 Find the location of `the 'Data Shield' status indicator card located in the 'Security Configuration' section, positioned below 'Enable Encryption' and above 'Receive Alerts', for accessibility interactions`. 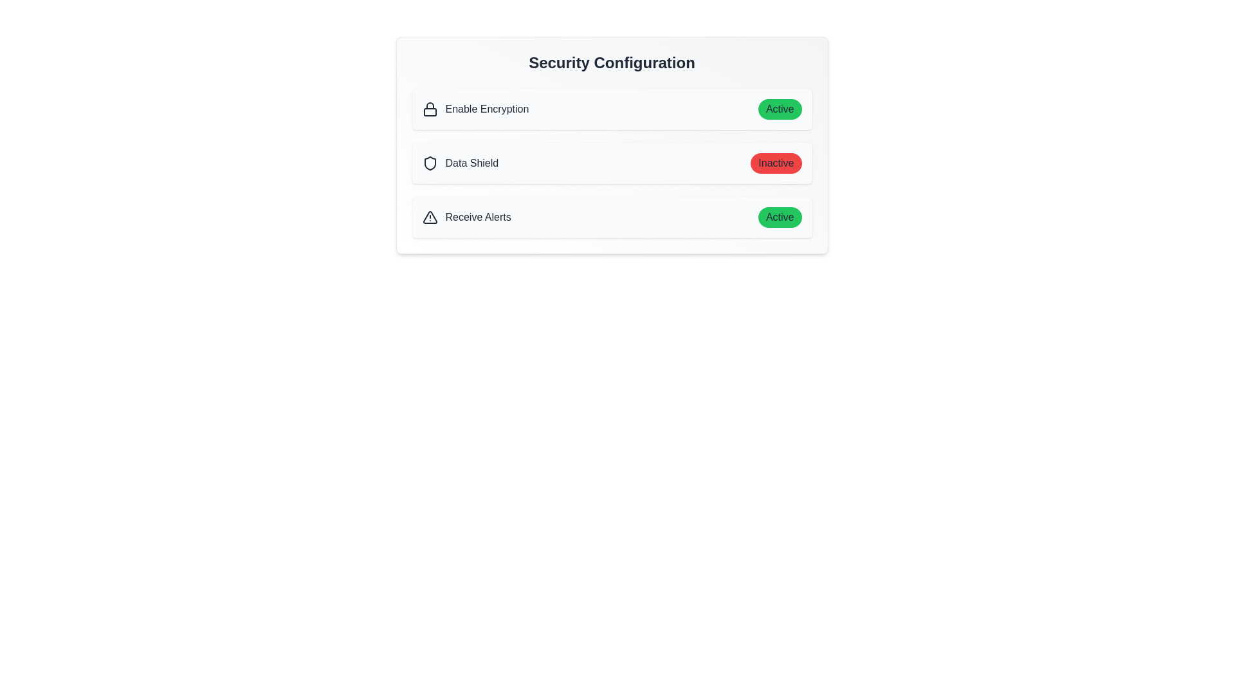

the 'Data Shield' status indicator card located in the 'Security Configuration' section, positioned below 'Enable Encryption' and above 'Receive Alerts', for accessibility interactions is located at coordinates (611, 163).